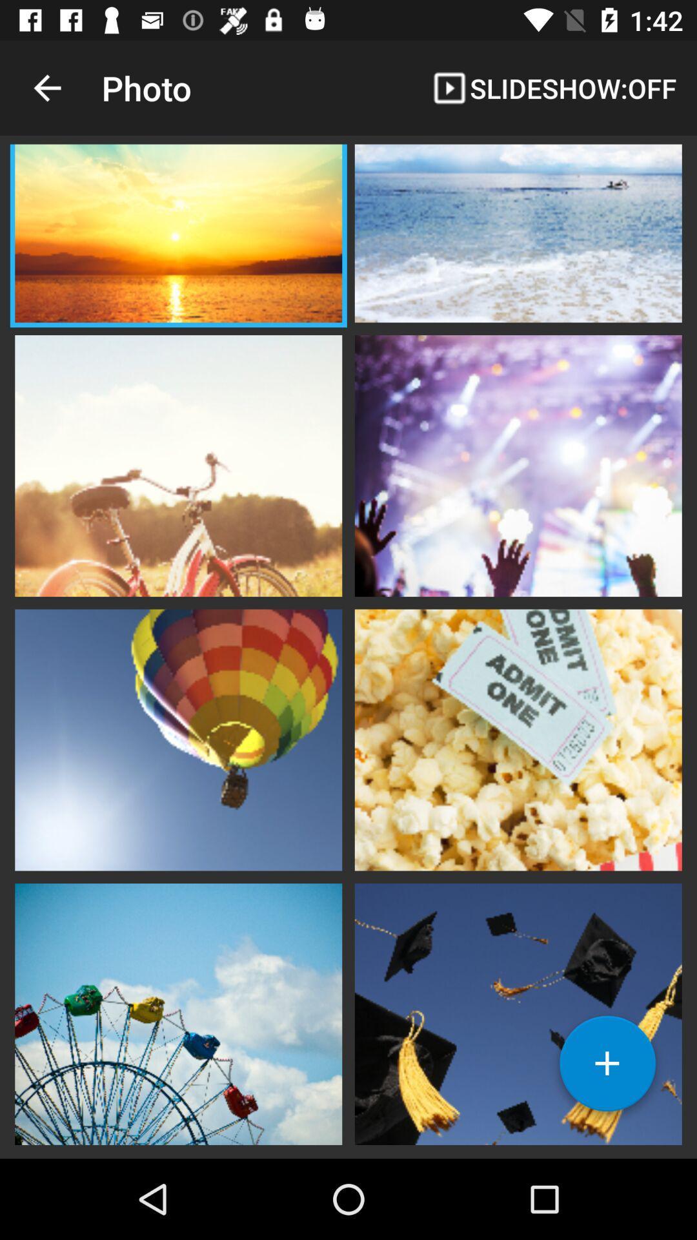  Describe the element at coordinates (518, 738) in the screenshot. I see `open picture to see in full screen` at that location.